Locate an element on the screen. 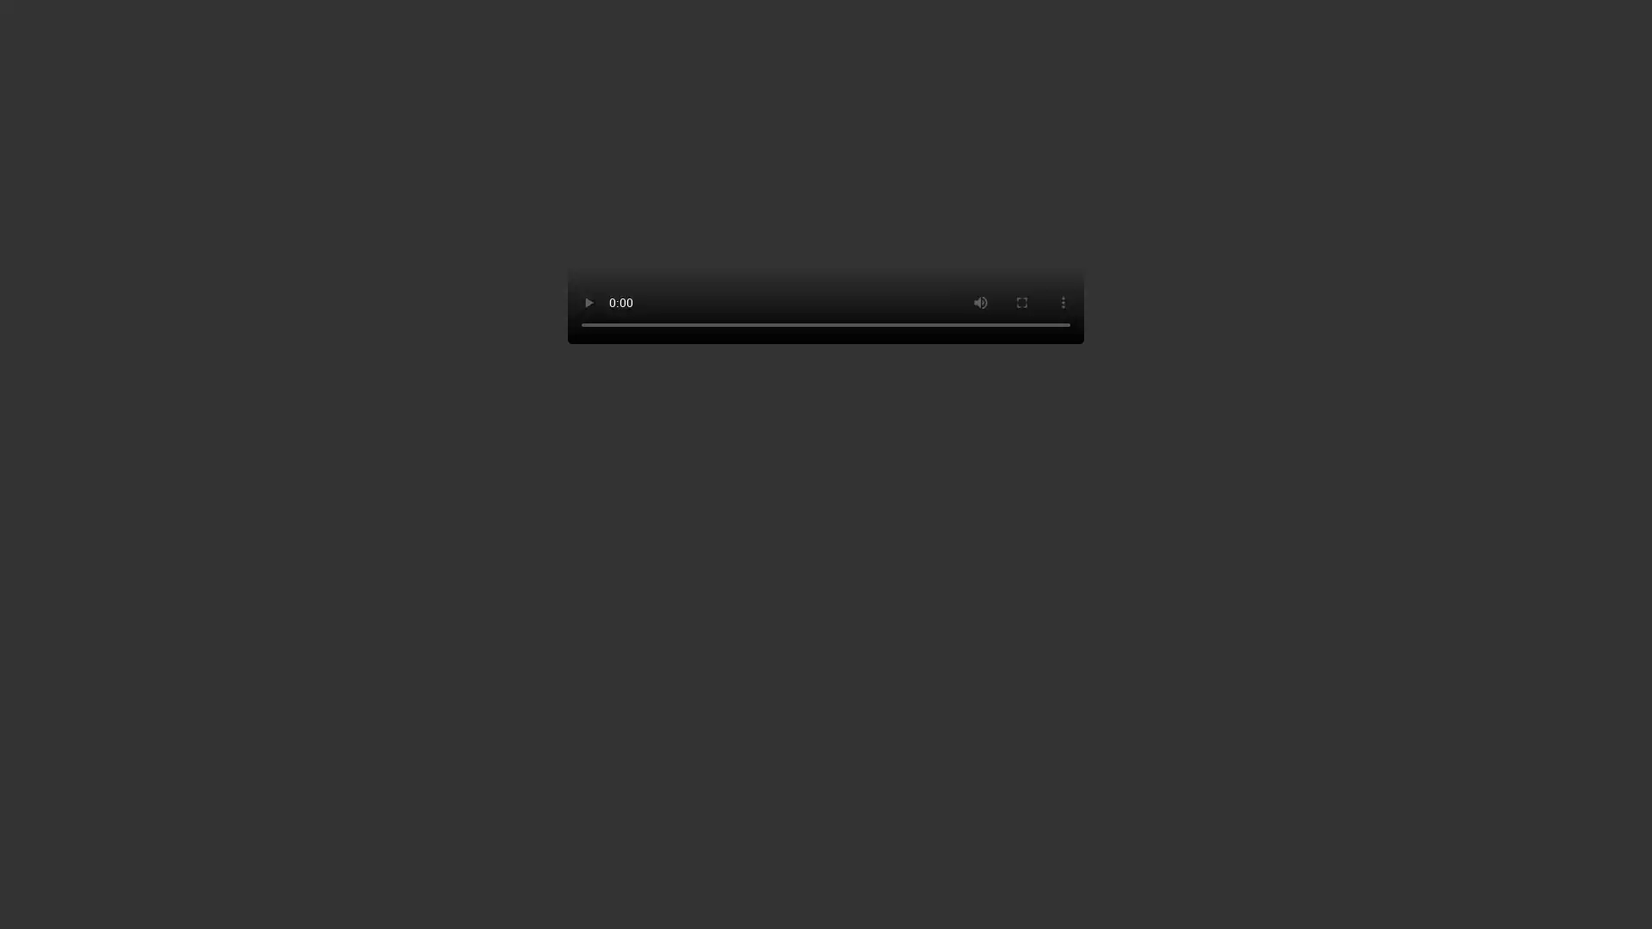 The image size is (1652, 929). play is located at coordinates (589, 301).